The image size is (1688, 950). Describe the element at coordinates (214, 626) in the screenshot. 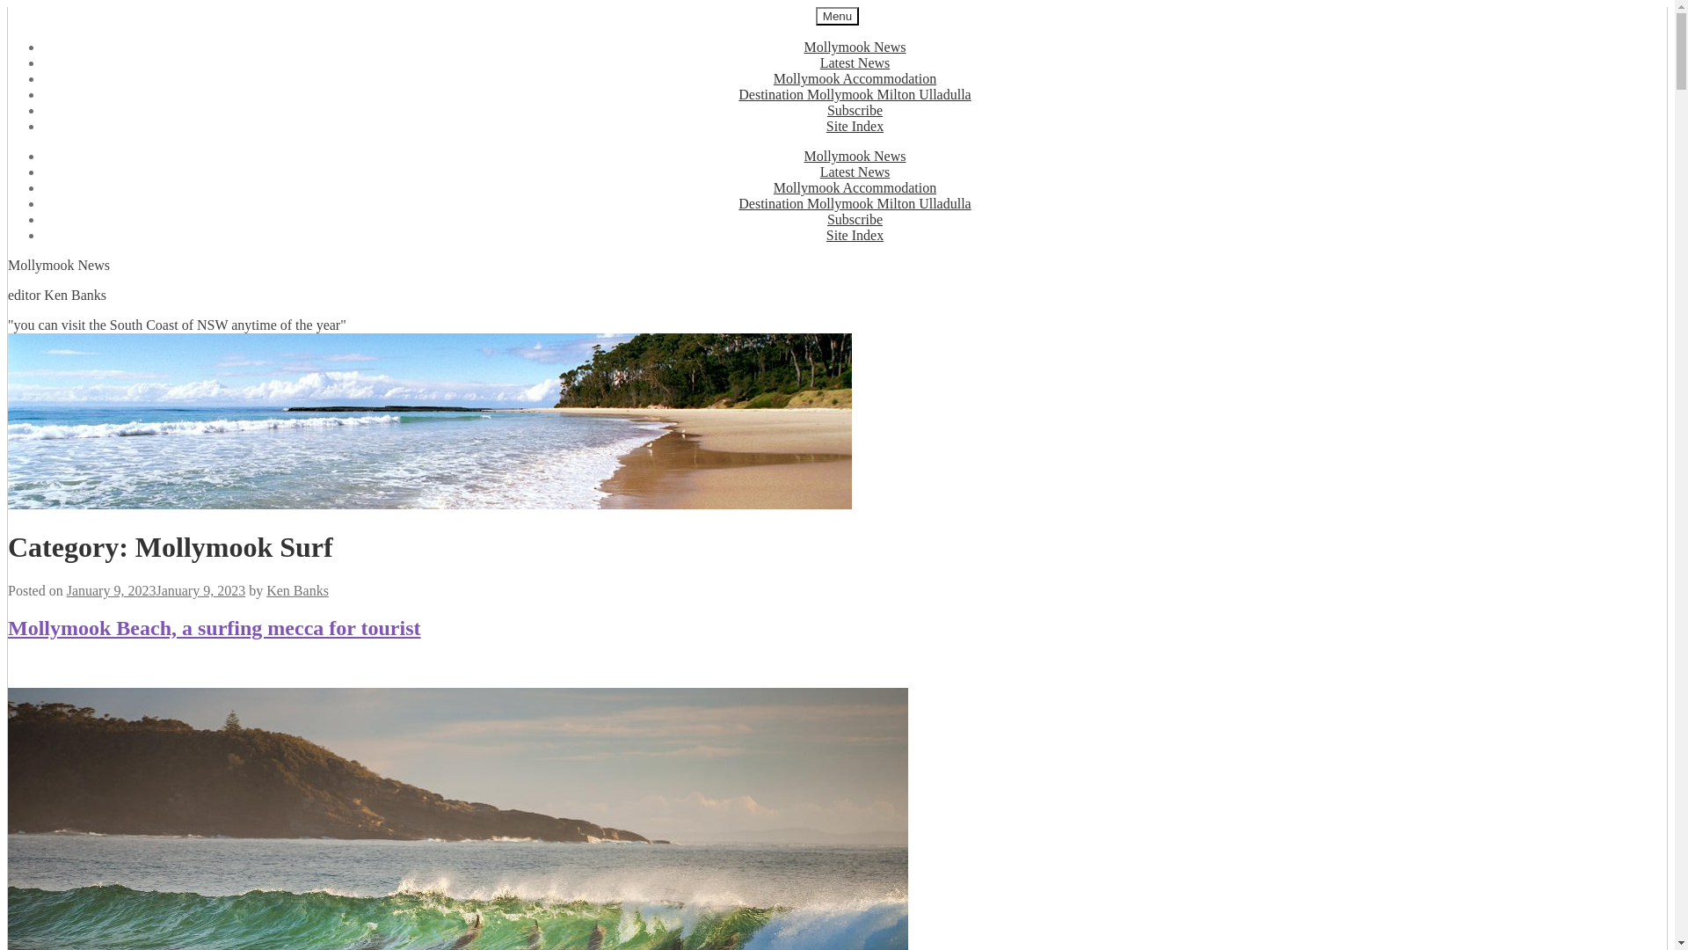

I see `'Mollymook Beach, a surfing mecca for tourist'` at that location.